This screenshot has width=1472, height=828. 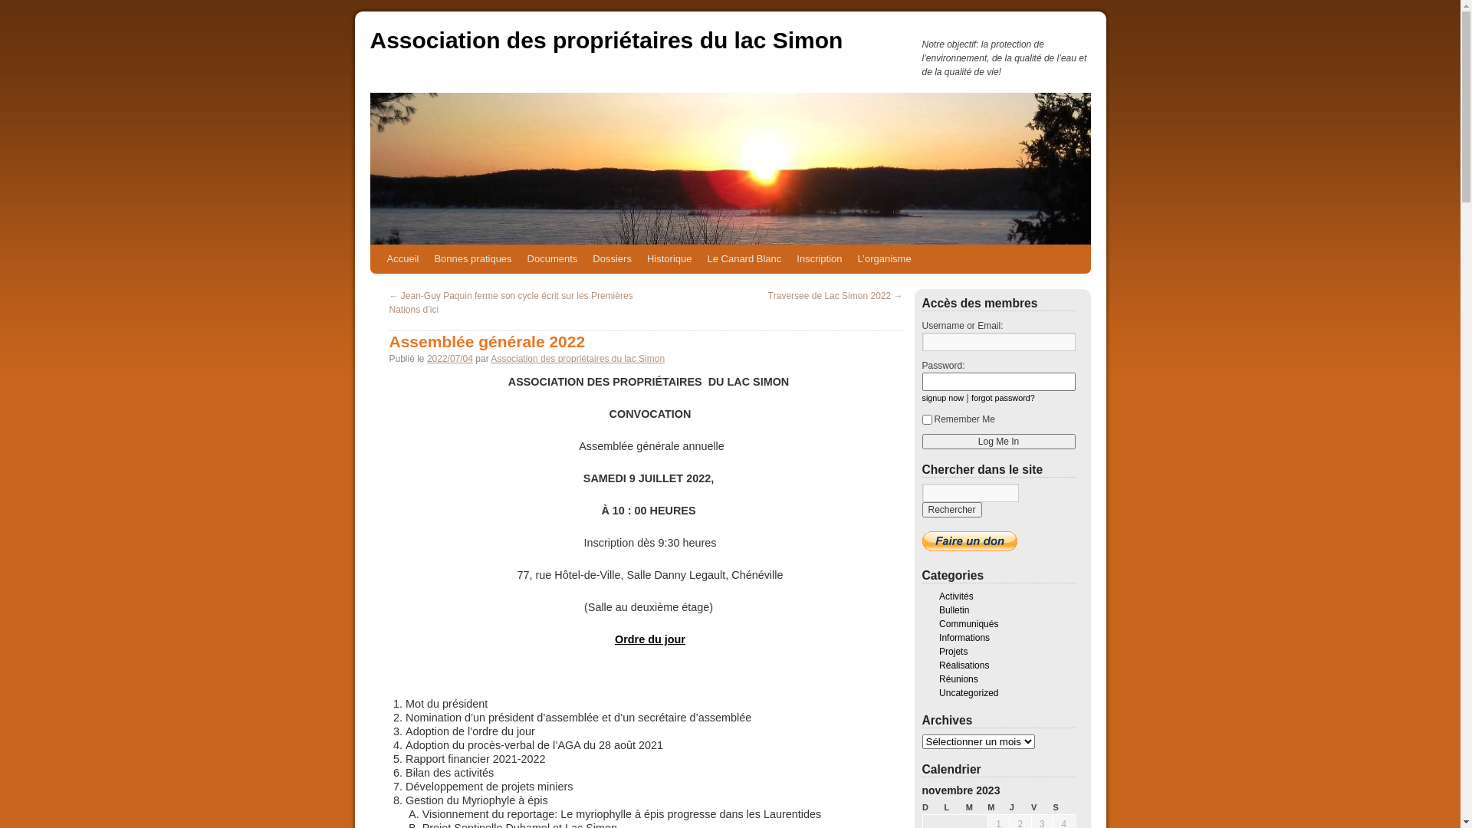 What do you see at coordinates (379, 258) in the screenshot?
I see `'Accueil'` at bounding box center [379, 258].